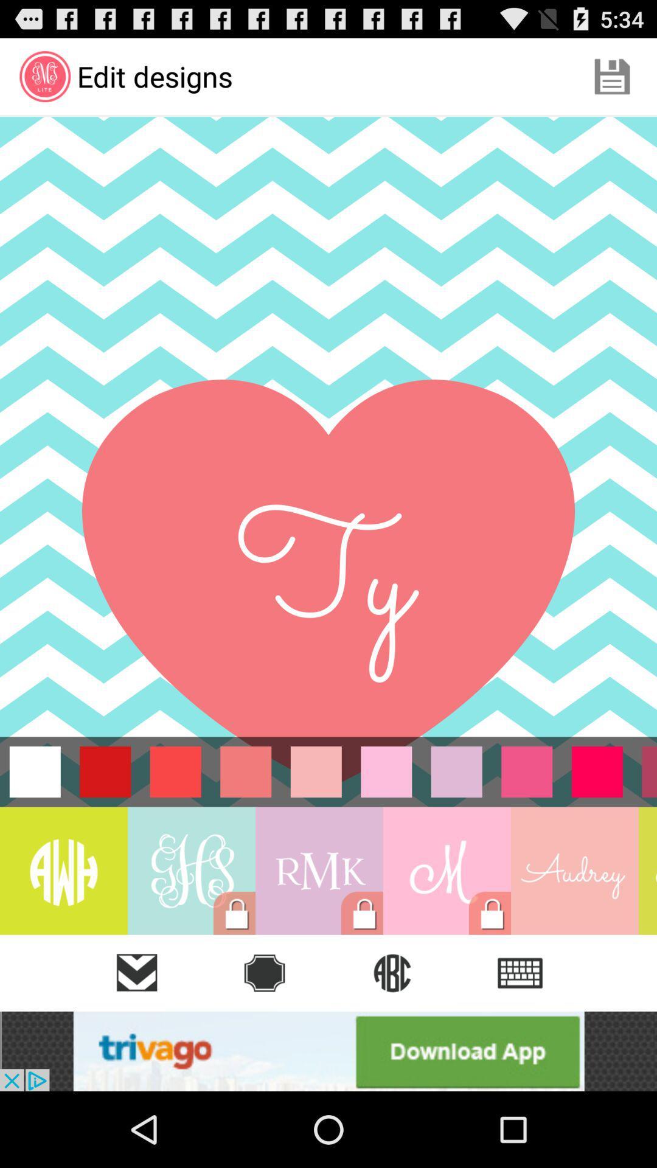 This screenshot has height=1168, width=657. I want to click on rmk, so click(318, 870).